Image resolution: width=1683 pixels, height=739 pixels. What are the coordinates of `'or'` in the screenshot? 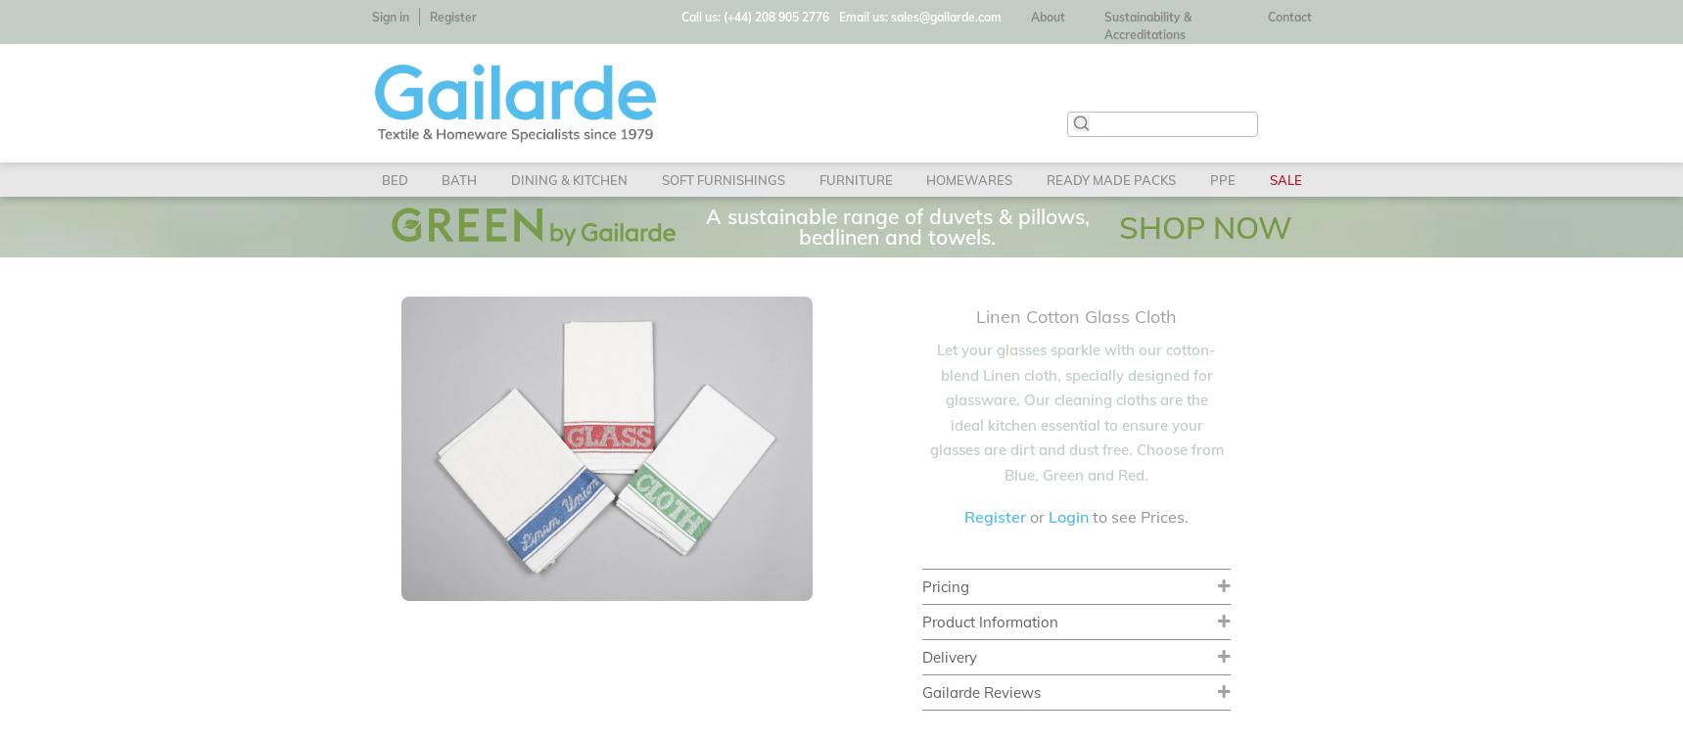 It's located at (1026, 515).